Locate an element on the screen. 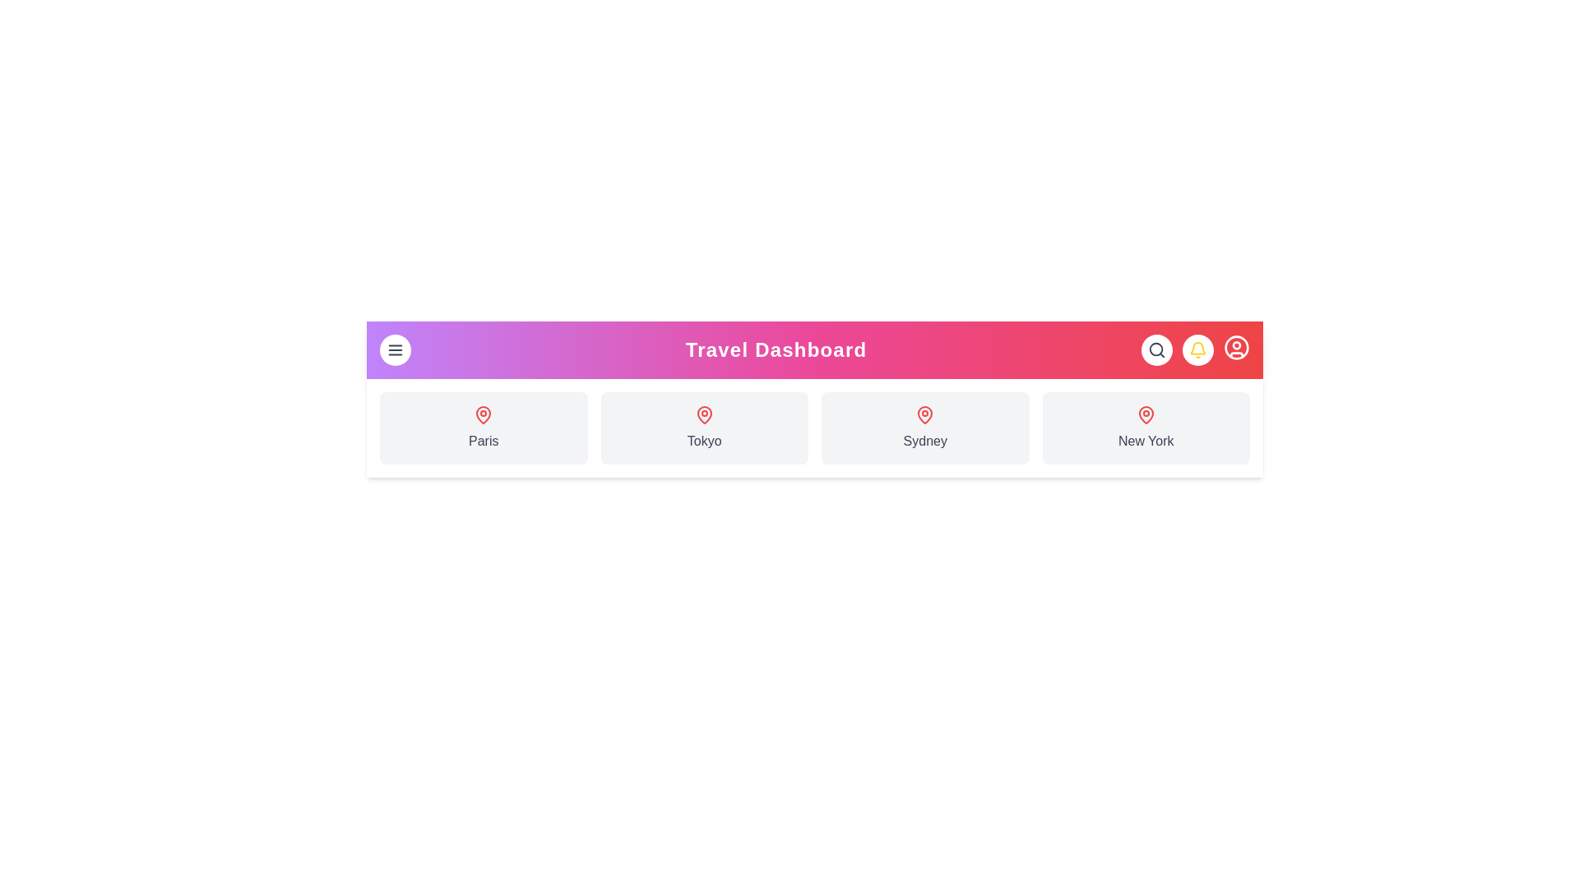 The width and height of the screenshot is (1579, 888). the city card for Sydney to view its details is located at coordinates (925, 427).